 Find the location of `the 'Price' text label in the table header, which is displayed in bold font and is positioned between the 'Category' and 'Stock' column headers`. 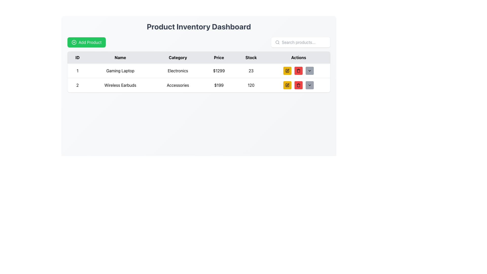

the 'Price' text label in the table header, which is displayed in bold font and is positioned between the 'Category' and 'Stock' column headers is located at coordinates (219, 57).